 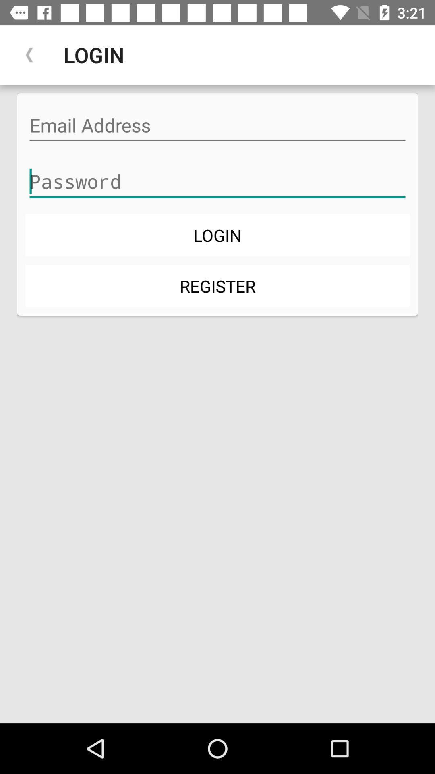 What do you see at coordinates (217, 286) in the screenshot?
I see `icon below login item` at bounding box center [217, 286].